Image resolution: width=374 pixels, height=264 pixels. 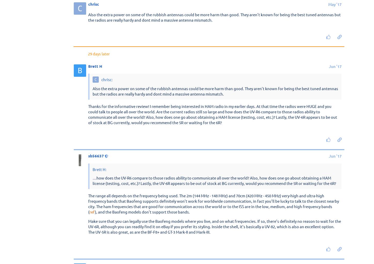 What do you see at coordinates (88, 153) in the screenshot?
I see `'chrisc'` at bounding box center [88, 153].